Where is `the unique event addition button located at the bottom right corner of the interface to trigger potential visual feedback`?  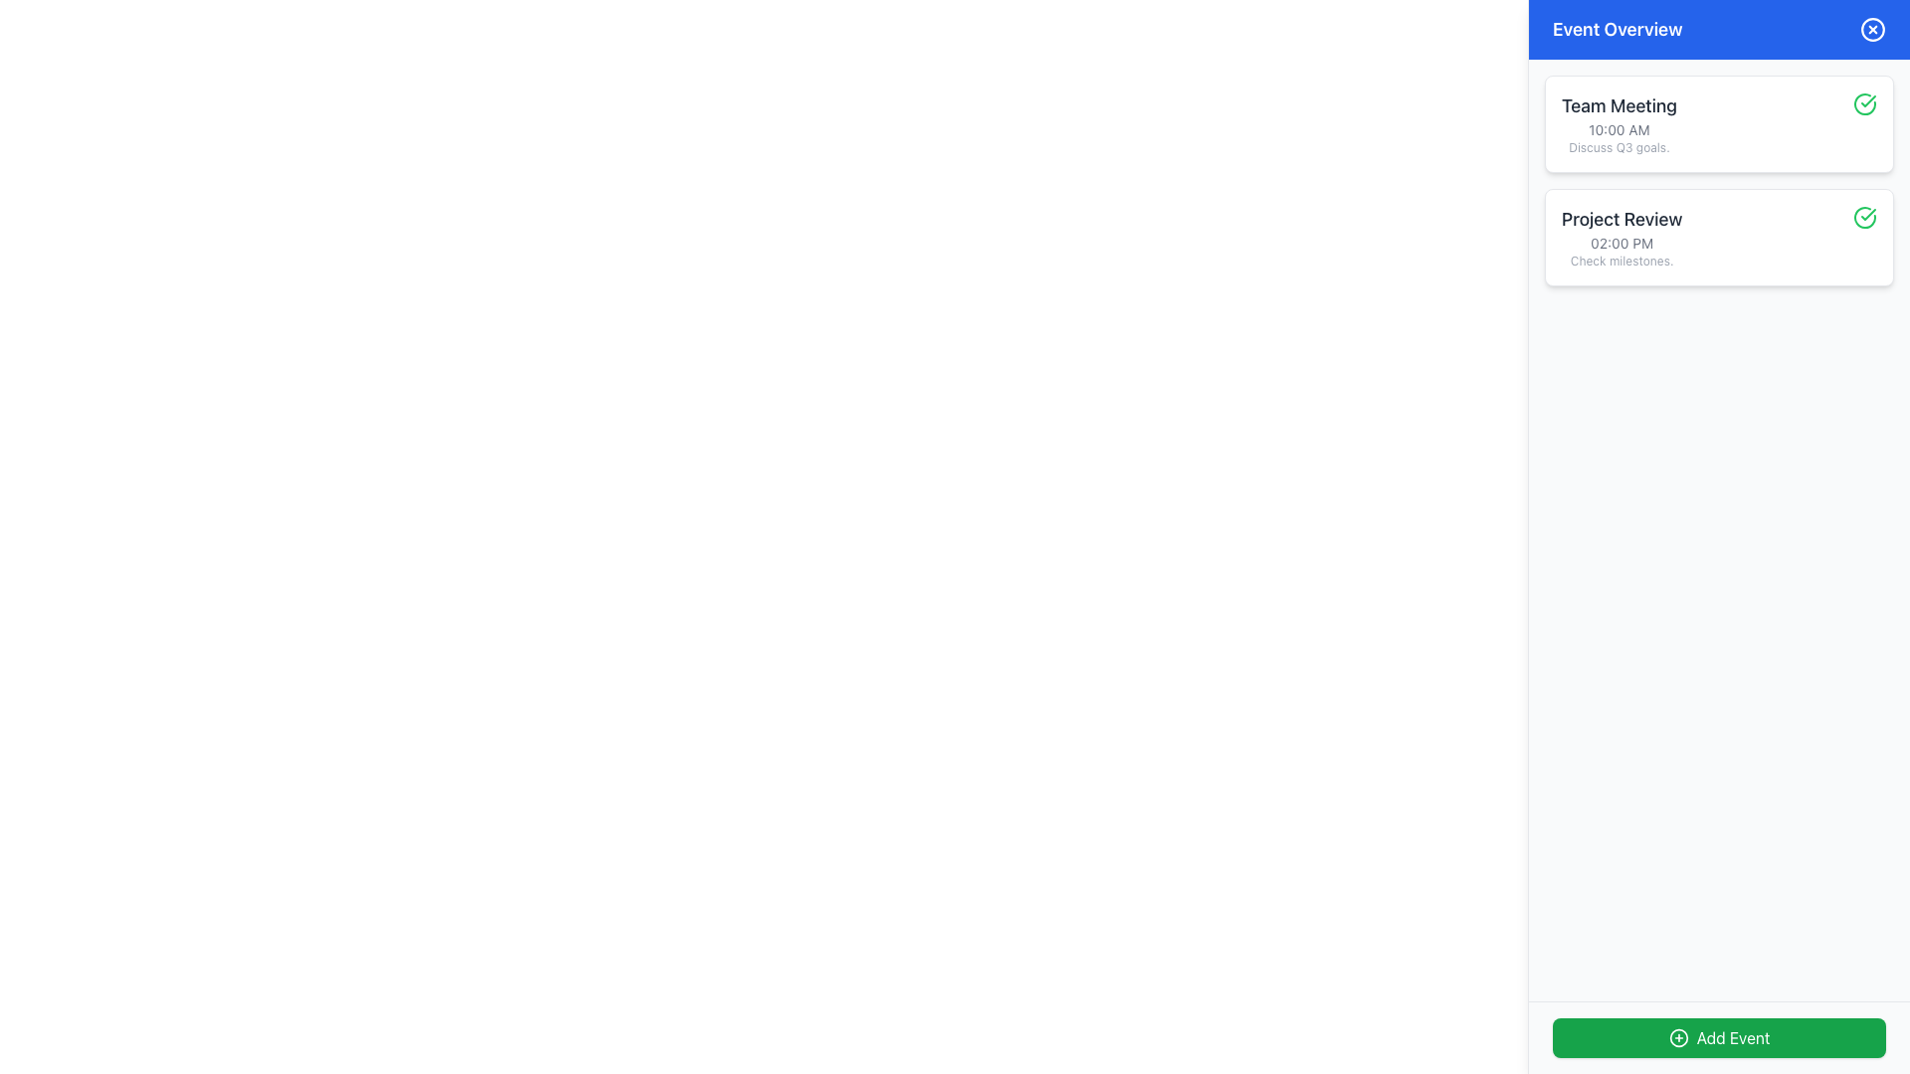 the unique event addition button located at the bottom right corner of the interface to trigger potential visual feedback is located at coordinates (1718, 1037).